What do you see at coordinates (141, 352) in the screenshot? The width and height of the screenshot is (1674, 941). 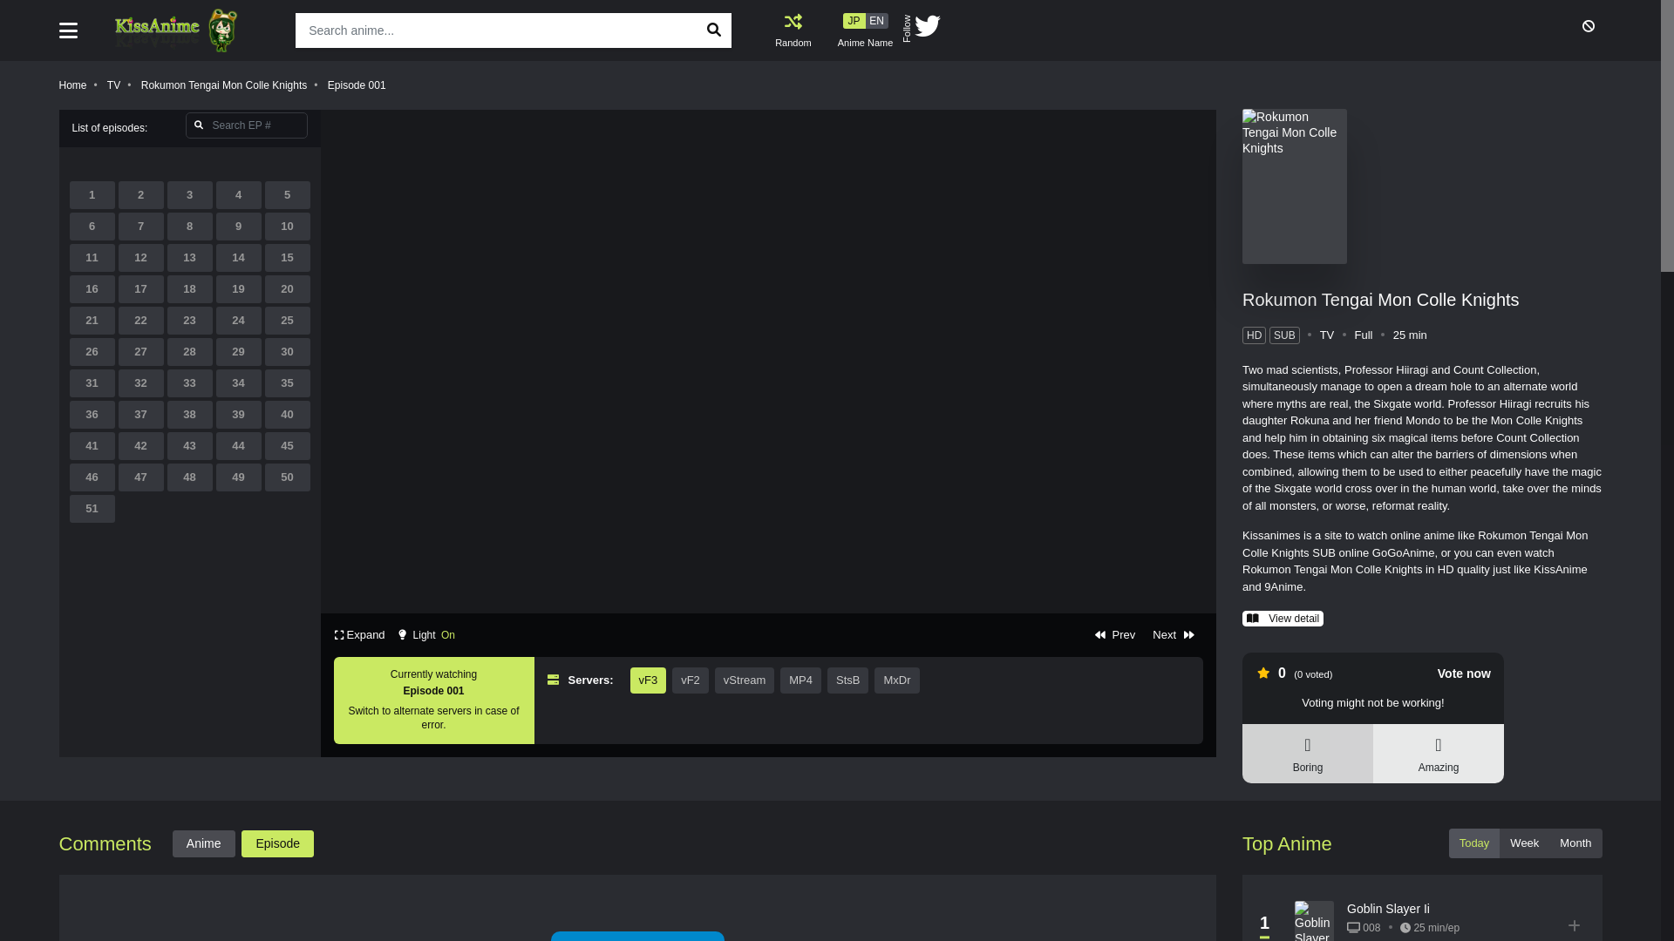 I see `'27'` at bounding box center [141, 352].